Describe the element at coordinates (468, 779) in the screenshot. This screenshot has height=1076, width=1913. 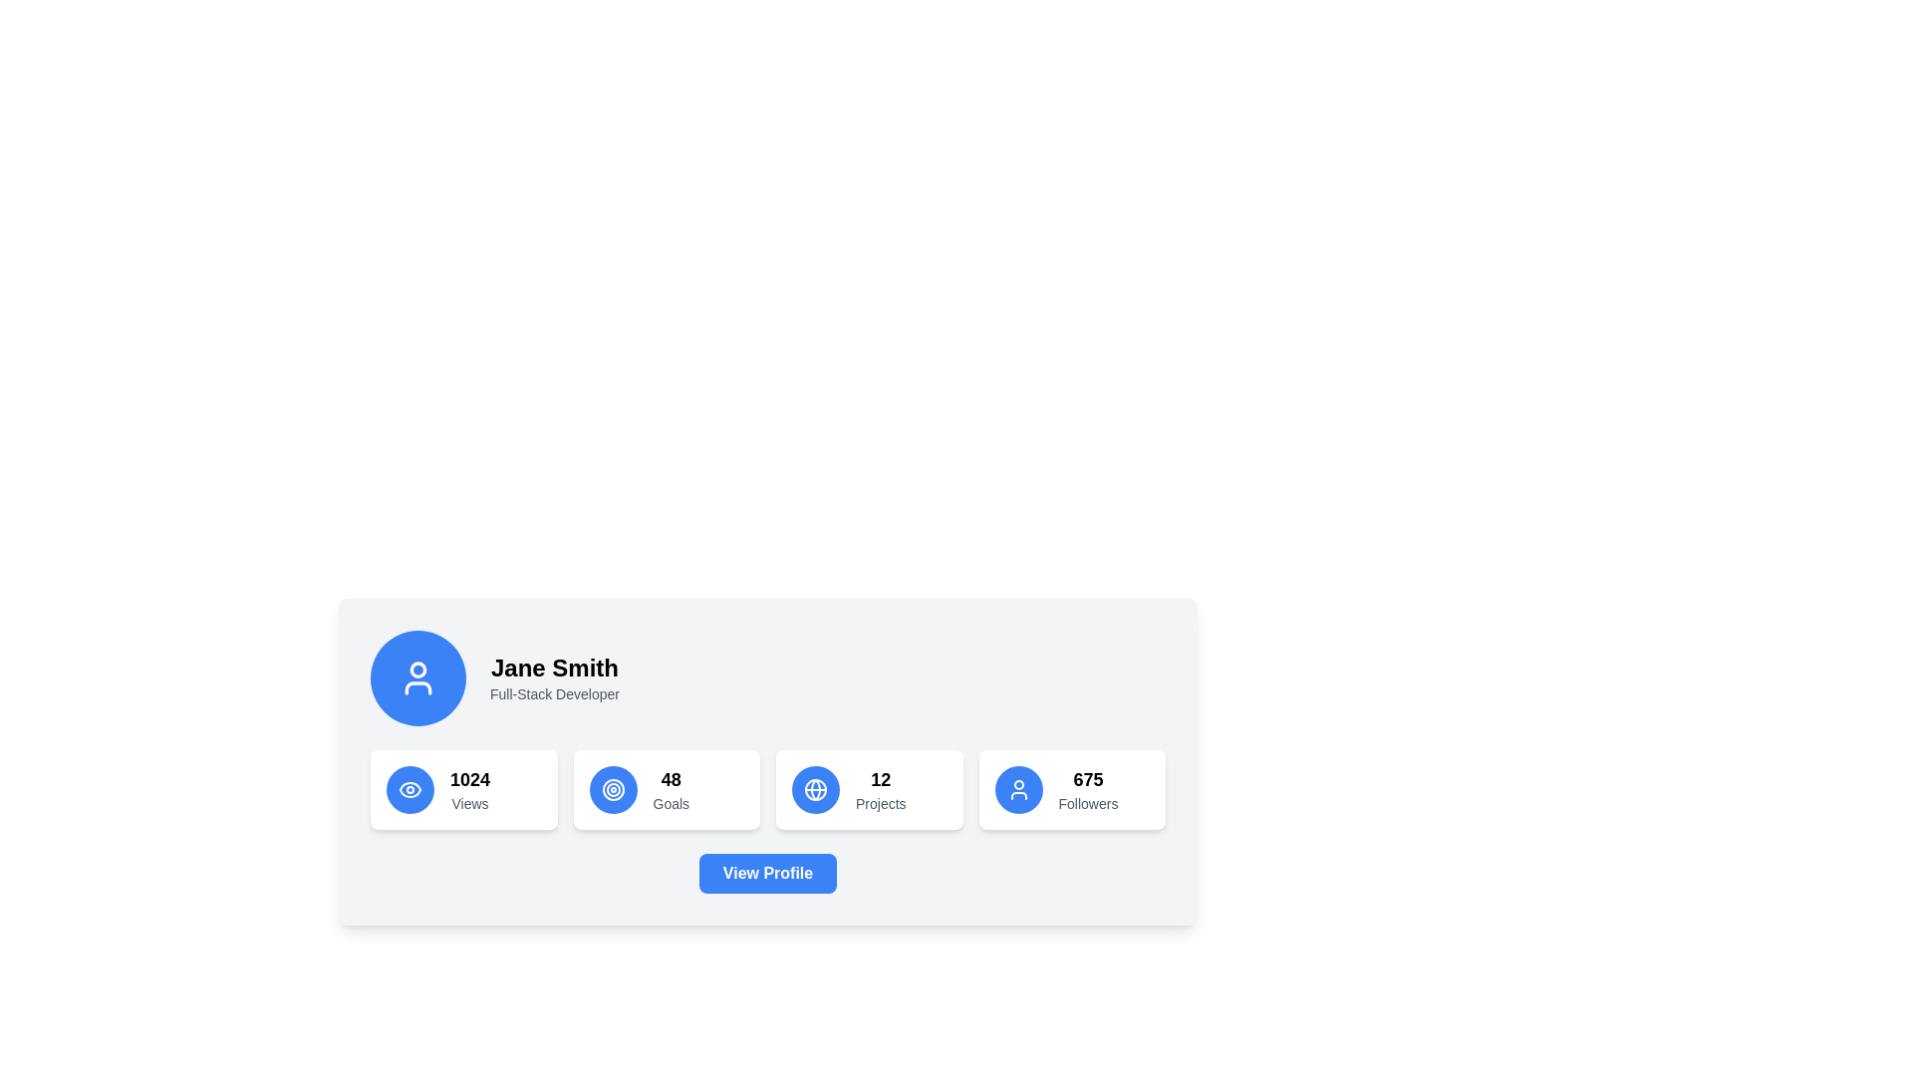
I see `the numerical value '1024' displayed in the text component located in the first statistic box on the second row, directly above the 'Views' label` at that location.